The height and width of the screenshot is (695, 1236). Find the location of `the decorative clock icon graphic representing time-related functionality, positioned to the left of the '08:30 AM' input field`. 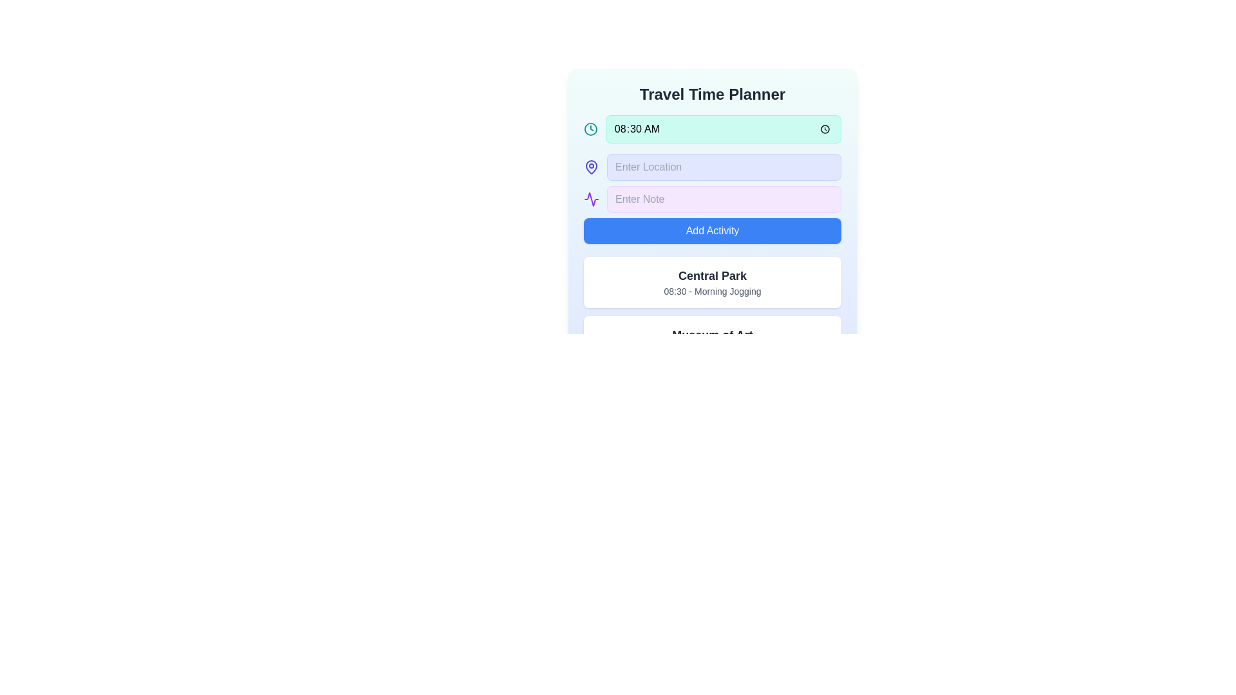

the decorative clock icon graphic representing time-related functionality, positioned to the left of the '08:30 AM' input field is located at coordinates (590, 129).